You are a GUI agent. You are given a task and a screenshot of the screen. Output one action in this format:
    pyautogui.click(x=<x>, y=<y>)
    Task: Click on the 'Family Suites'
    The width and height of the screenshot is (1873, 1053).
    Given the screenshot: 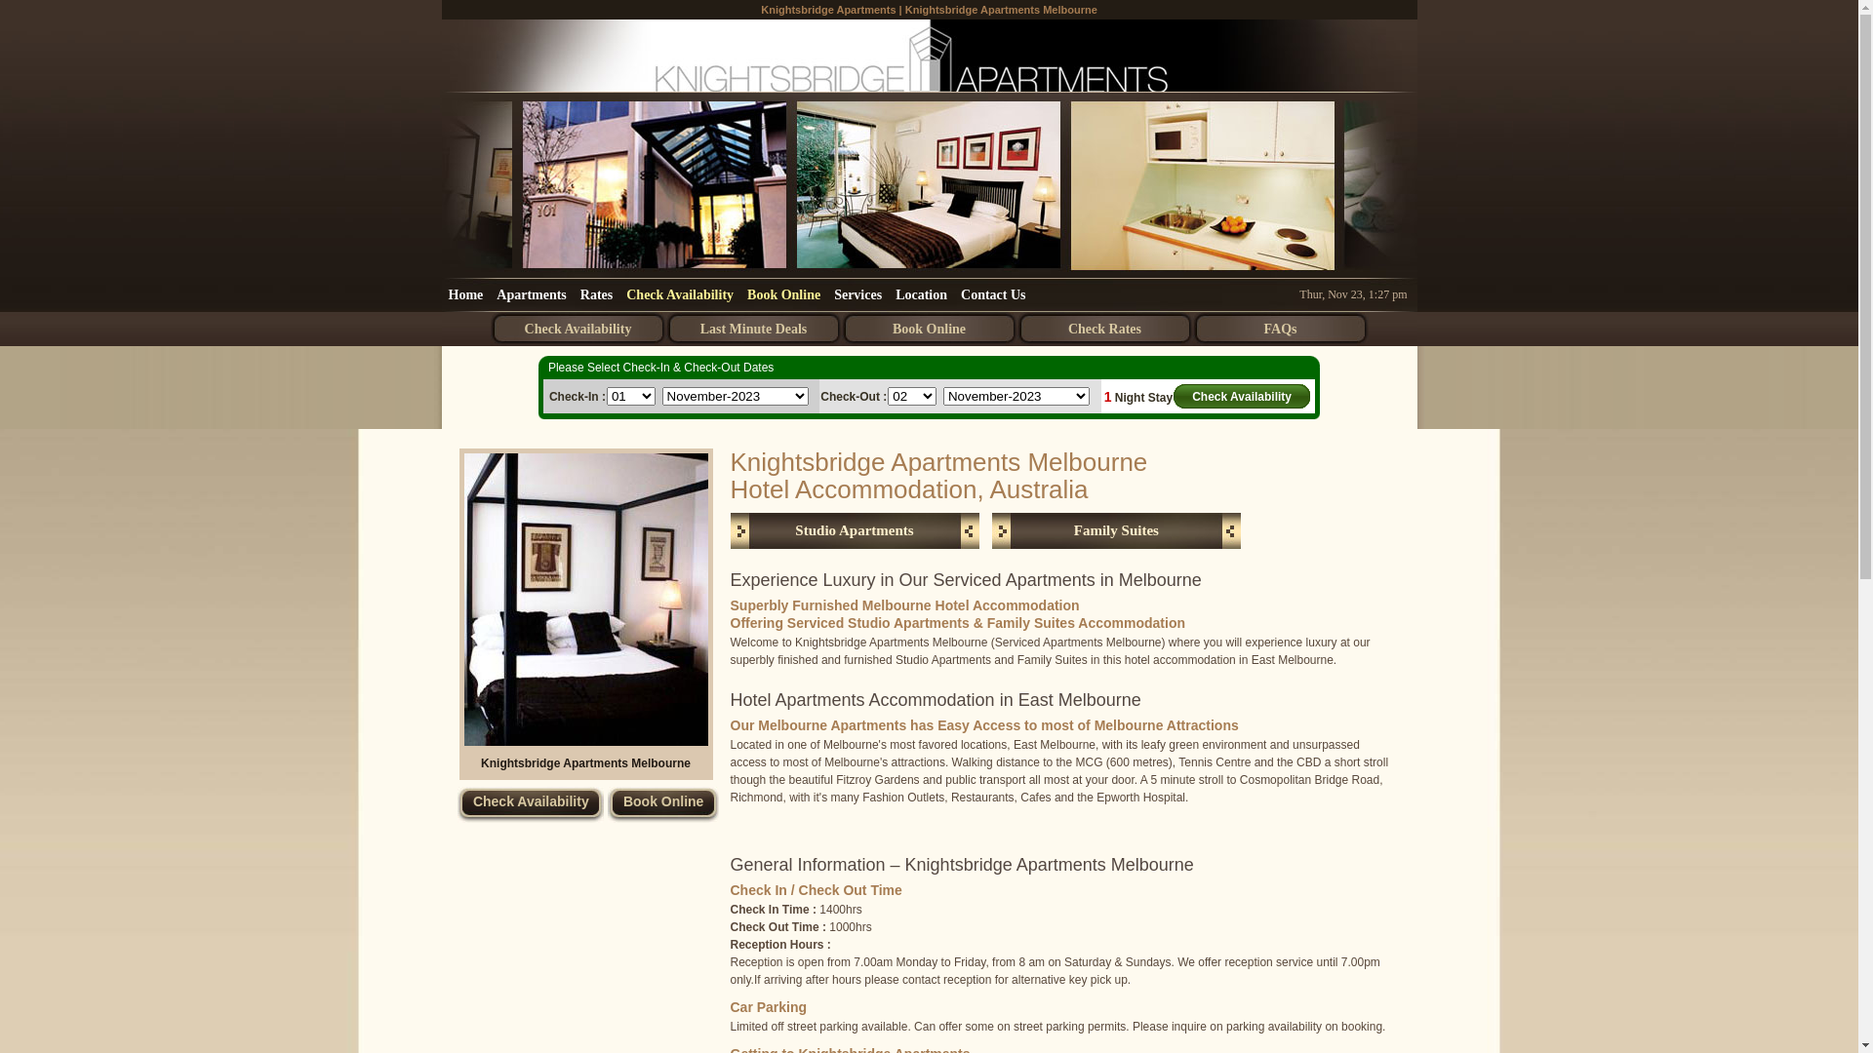 What is the action you would take?
    pyautogui.click(x=1116, y=530)
    